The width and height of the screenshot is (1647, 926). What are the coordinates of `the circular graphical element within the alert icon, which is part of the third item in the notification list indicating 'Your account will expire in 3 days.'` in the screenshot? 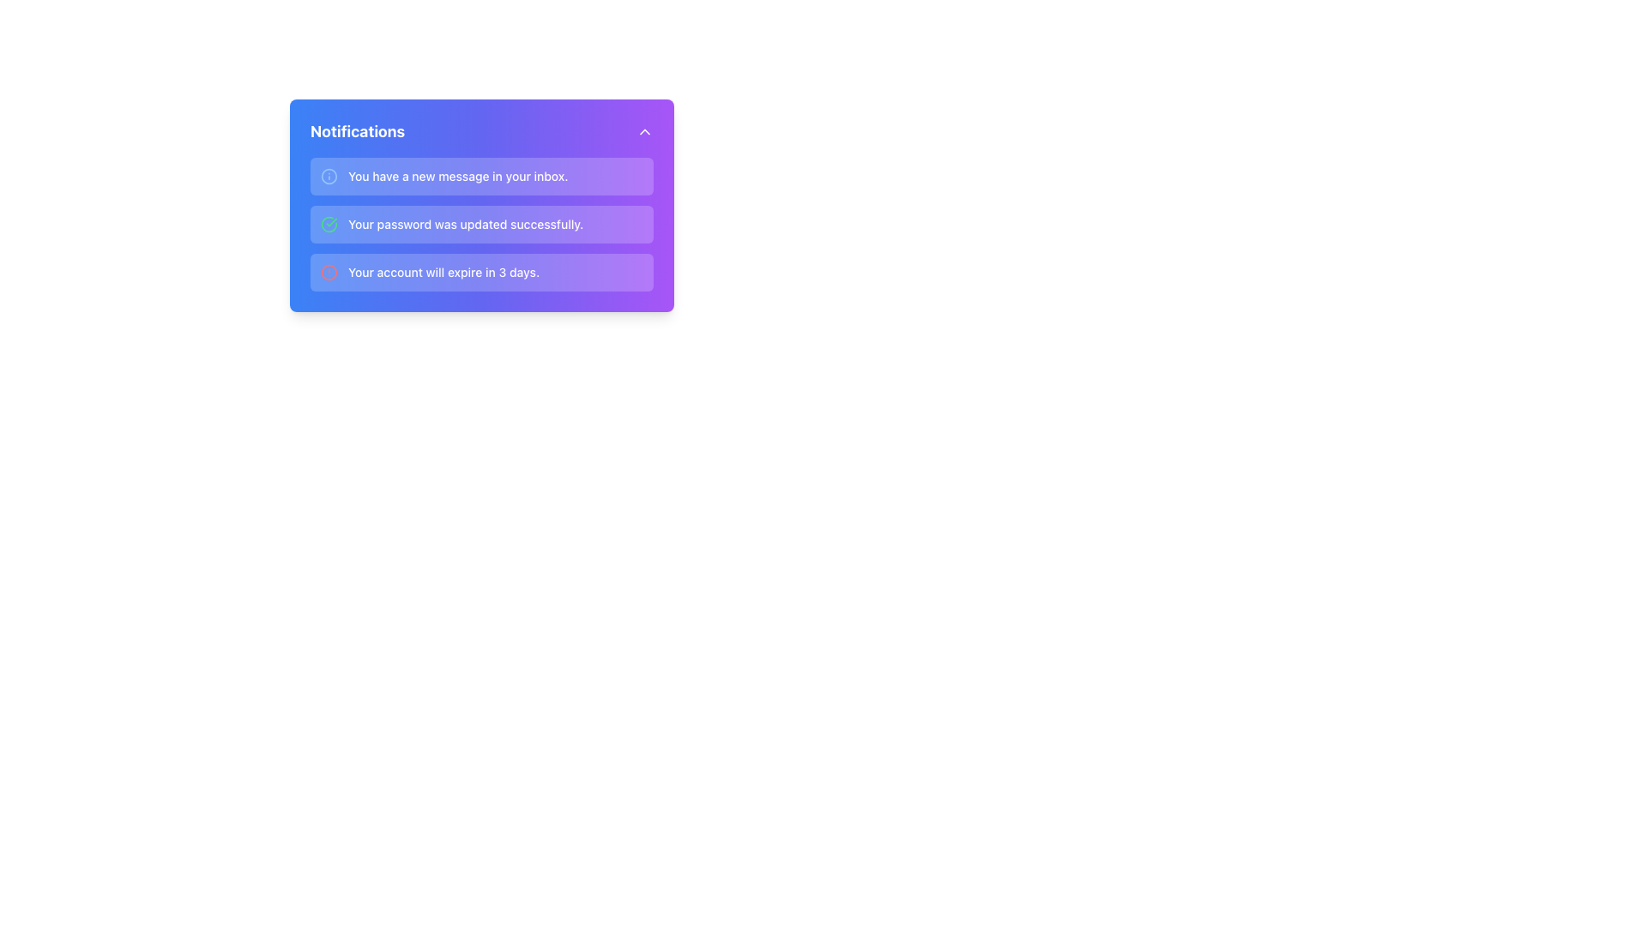 It's located at (329, 271).